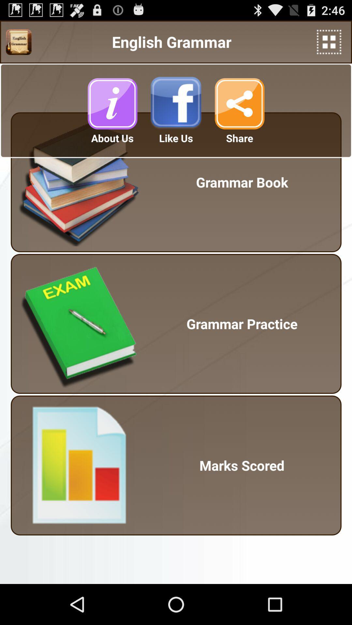 The image size is (352, 625). What do you see at coordinates (329, 42) in the screenshot?
I see `icon next to english grammar icon` at bounding box center [329, 42].